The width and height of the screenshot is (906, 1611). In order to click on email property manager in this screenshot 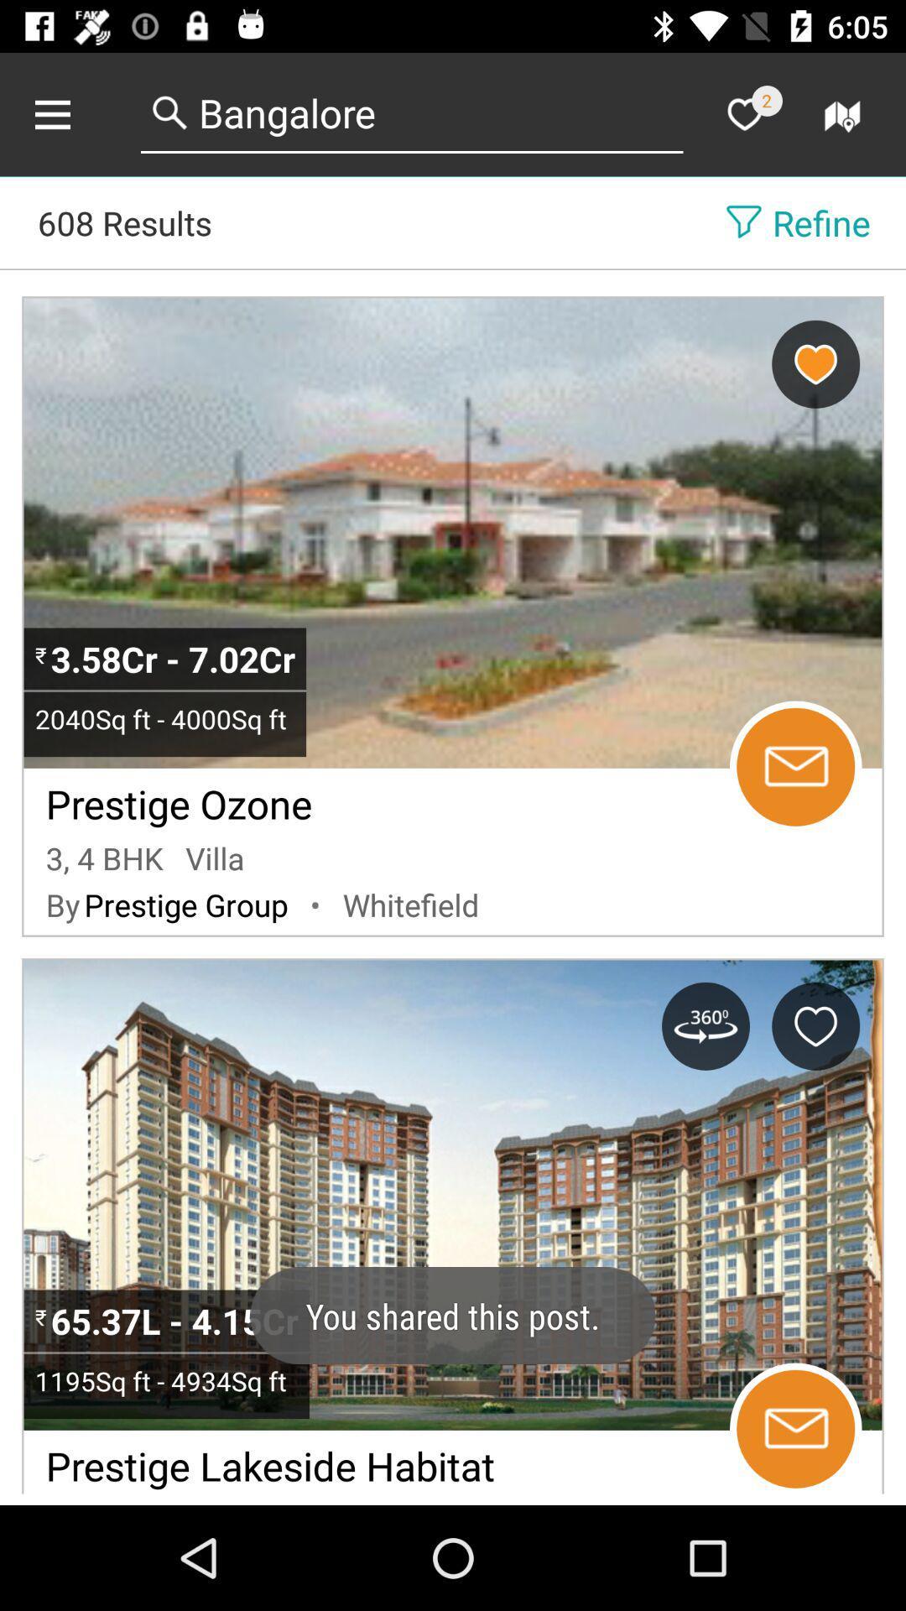, I will do `click(794, 766)`.